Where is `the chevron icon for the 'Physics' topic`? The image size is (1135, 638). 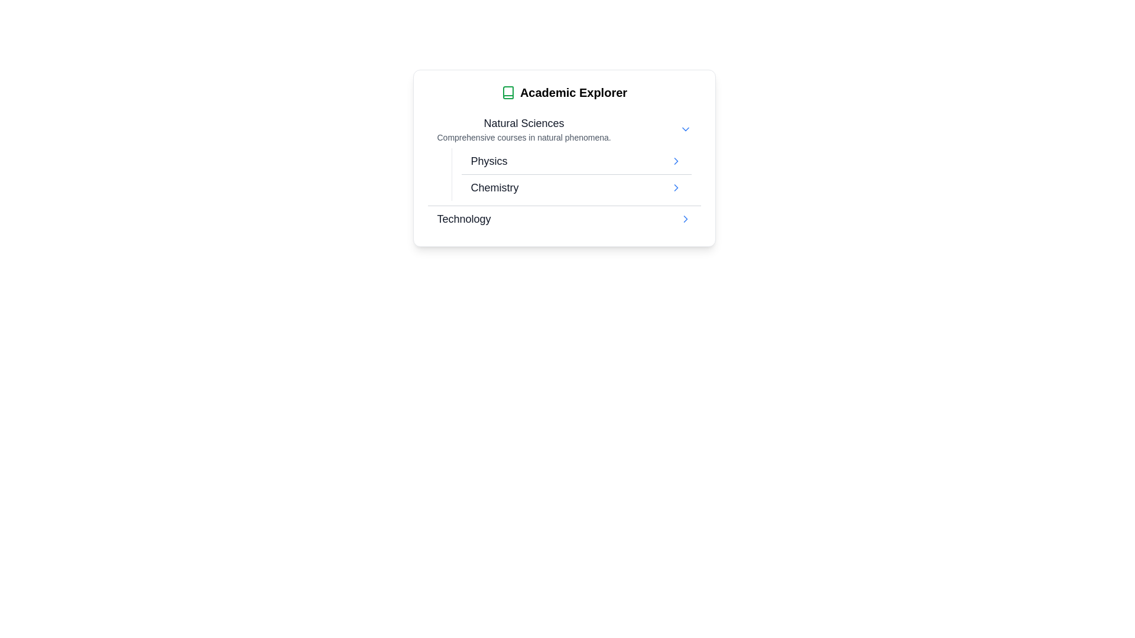
the chevron icon for the 'Physics' topic is located at coordinates (676, 161).